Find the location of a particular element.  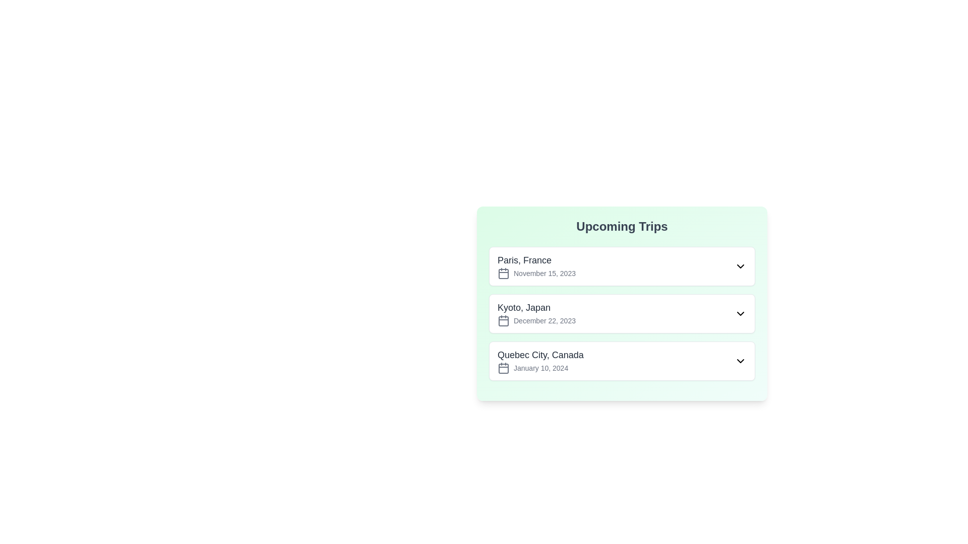

the second trip entry in the 'Upcoming Trips' section, which is the Interactive Card Element displaying trip information is located at coordinates (621, 303).